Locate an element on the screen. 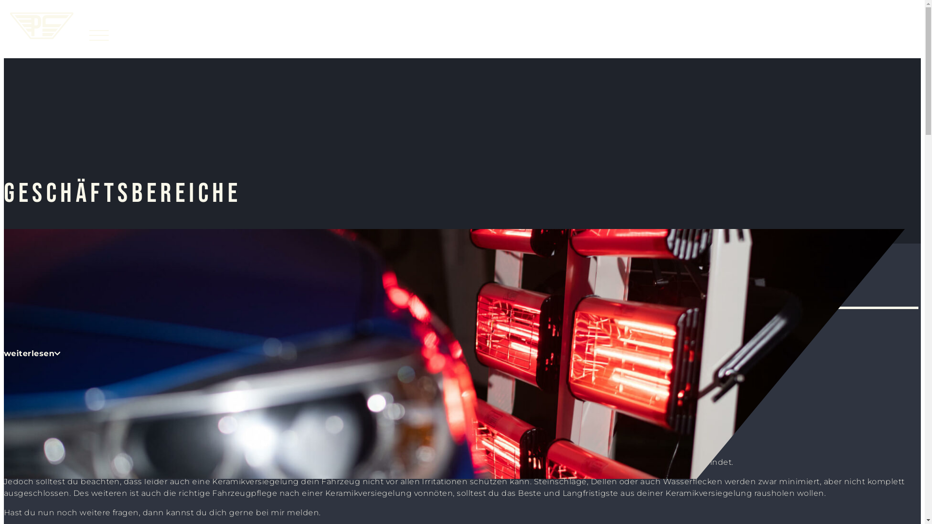 The image size is (932, 524). 'weiterlesen' is located at coordinates (33, 353).